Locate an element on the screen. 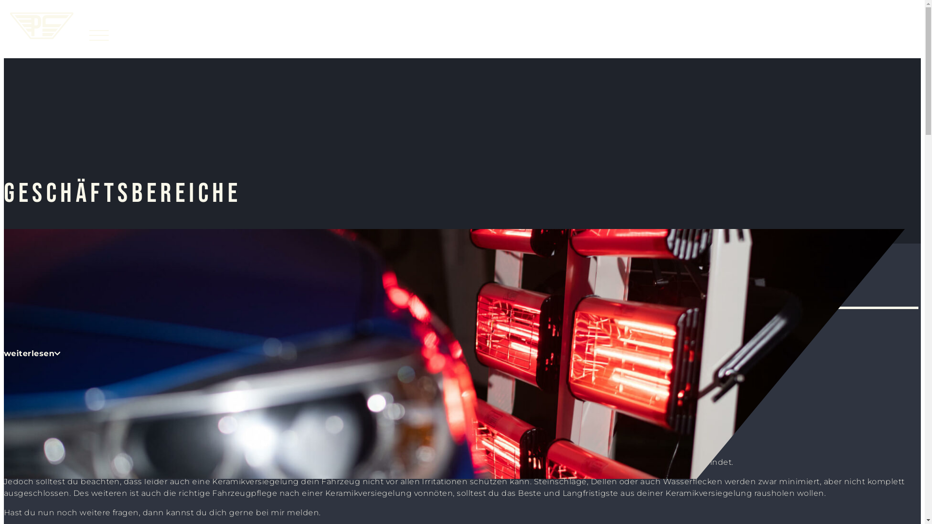 The image size is (932, 524). 'weiterlesen' is located at coordinates (33, 353).